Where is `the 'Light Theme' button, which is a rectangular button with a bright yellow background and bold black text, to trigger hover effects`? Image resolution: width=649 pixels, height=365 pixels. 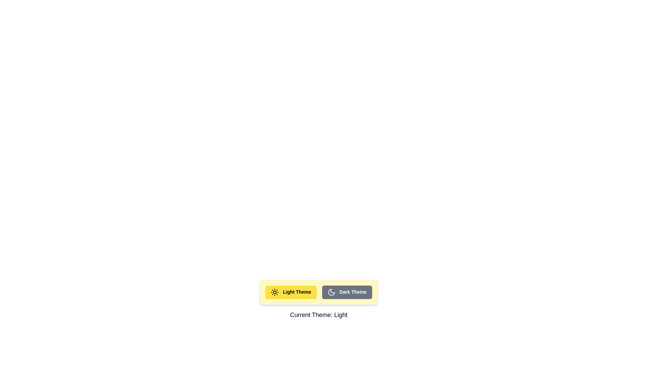 the 'Light Theme' button, which is a rectangular button with a bright yellow background and bold black text, to trigger hover effects is located at coordinates (291, 292).